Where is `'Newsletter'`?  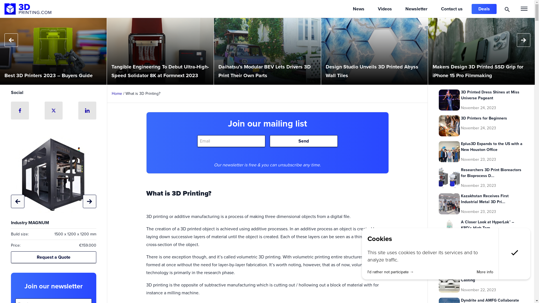
'Newsletter' is located at coordinates (416, 9).